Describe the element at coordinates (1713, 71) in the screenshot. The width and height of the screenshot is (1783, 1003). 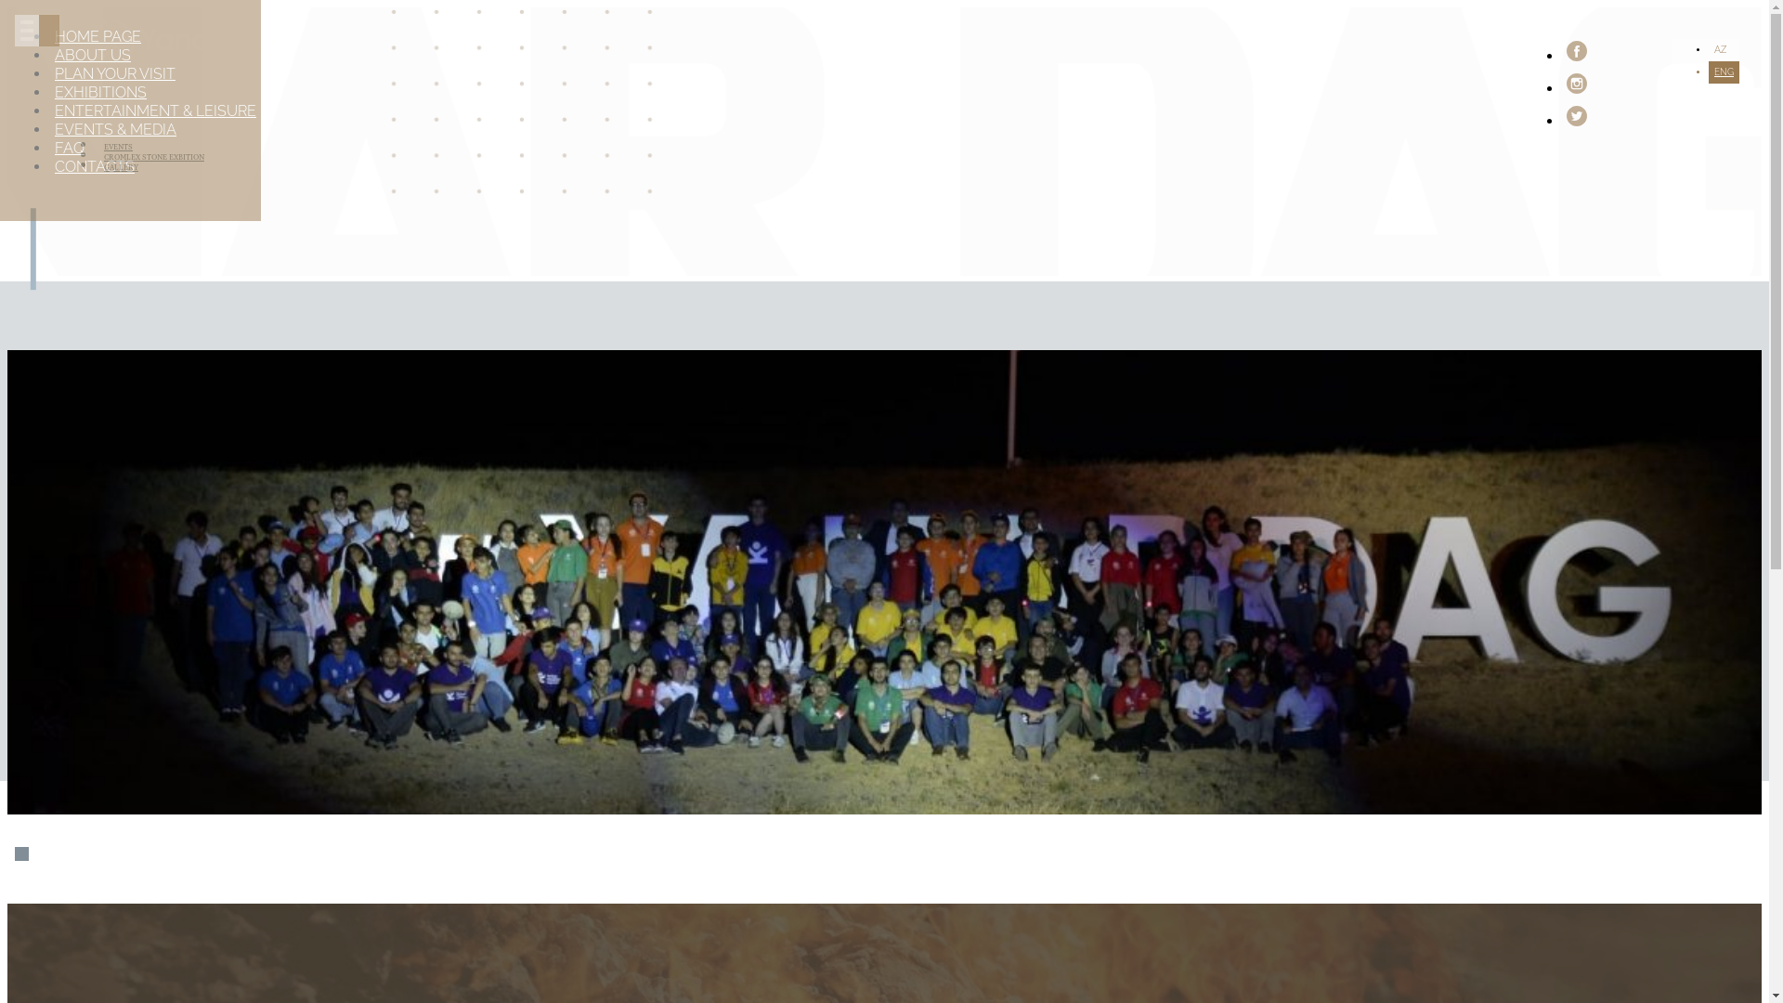
I see `'ENG'` at that location.